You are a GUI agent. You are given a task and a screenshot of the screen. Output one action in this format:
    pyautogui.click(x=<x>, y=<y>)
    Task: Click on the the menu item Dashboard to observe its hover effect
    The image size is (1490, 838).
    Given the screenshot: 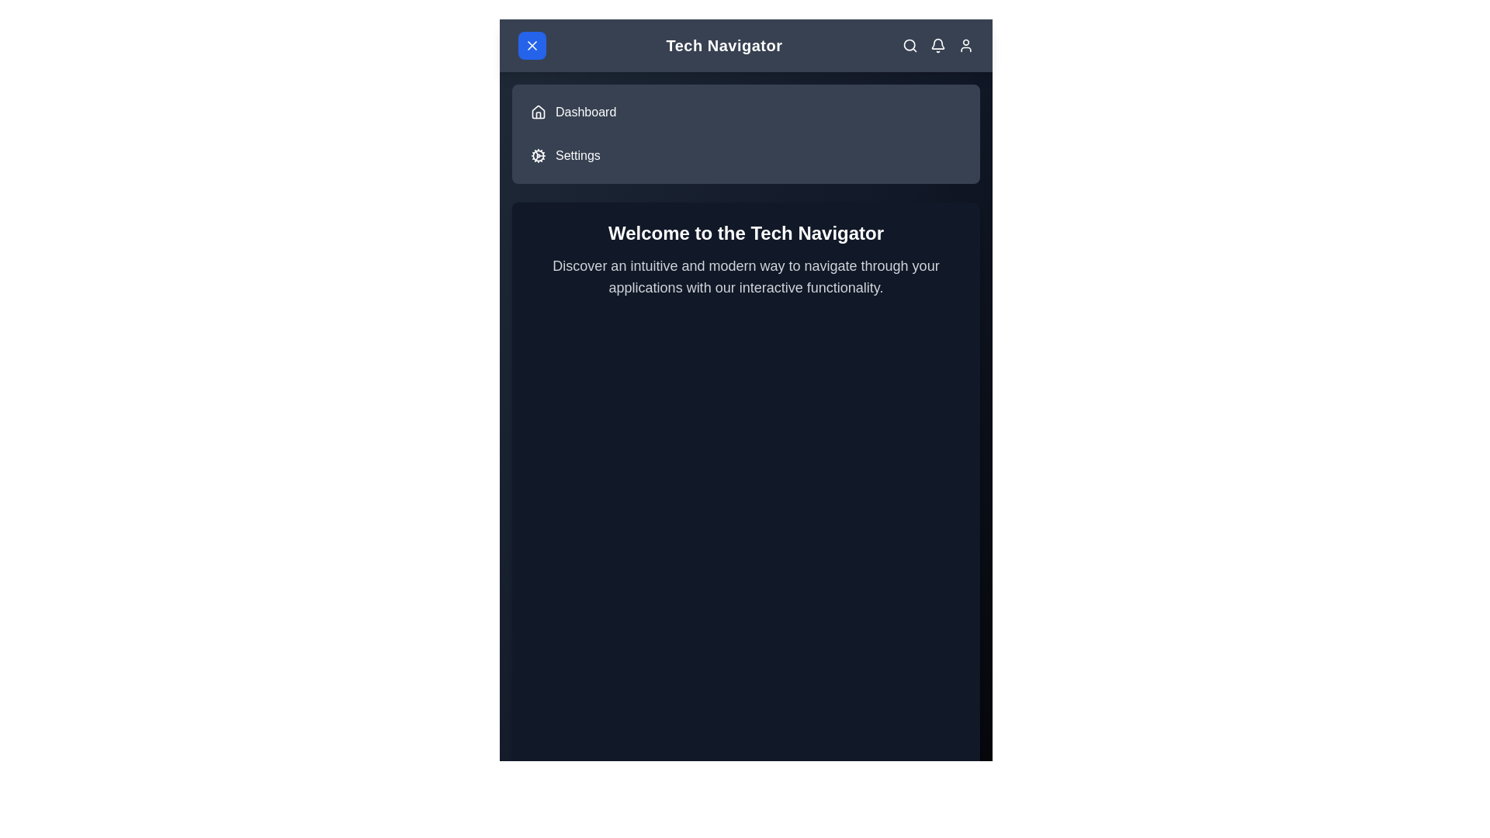 What is the action you would take?
    pyautogui.click(x=746, y=112)
    